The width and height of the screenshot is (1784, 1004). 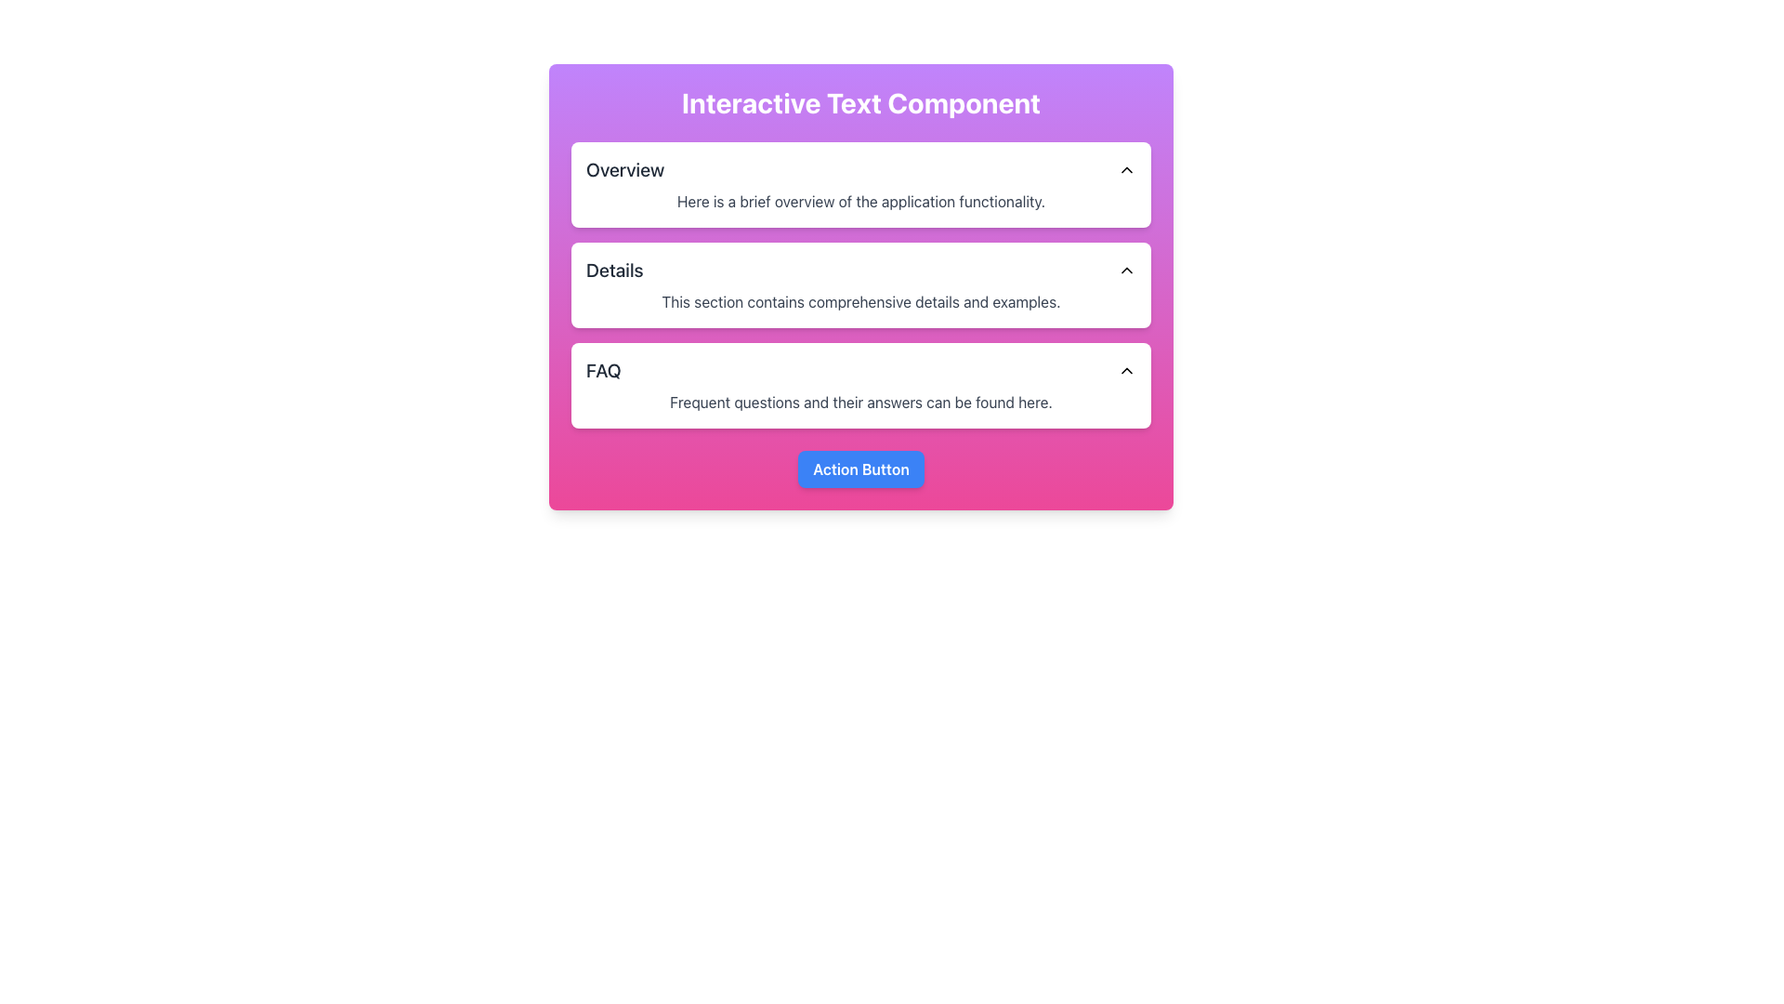 What do you see at coordinates (859, 300) in the screenshot?
I see `the text label that reads 'This section contains comprehensive details and examples.' located within a white card section below the 'Details' title` at bounding box center [859, 300].